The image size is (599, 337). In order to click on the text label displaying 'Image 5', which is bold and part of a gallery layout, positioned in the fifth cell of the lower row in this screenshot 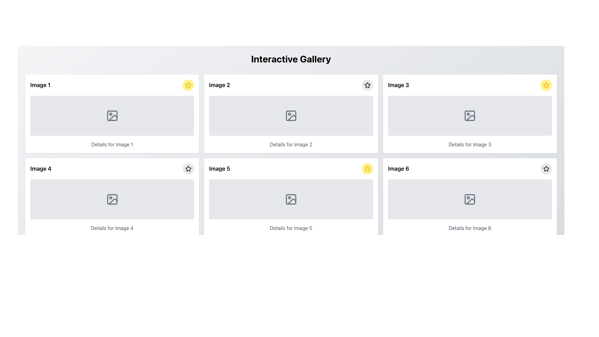, I will do `click(220, 168)`.